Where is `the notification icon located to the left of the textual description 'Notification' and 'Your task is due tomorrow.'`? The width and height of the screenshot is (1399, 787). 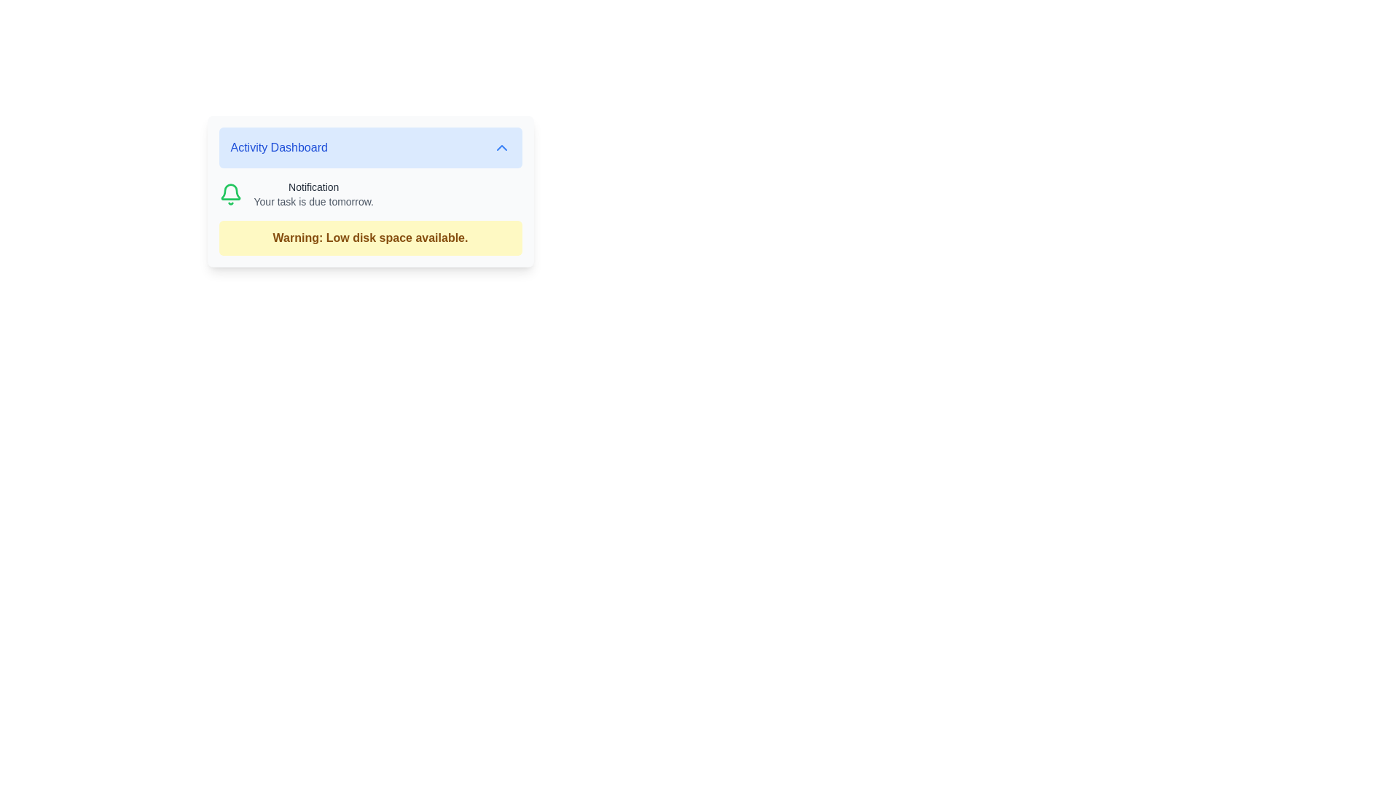 the notification icon located to the left of the textual description 'Notification' and 'Your task is due tomorrow.' is located at coordinates (230, 193).